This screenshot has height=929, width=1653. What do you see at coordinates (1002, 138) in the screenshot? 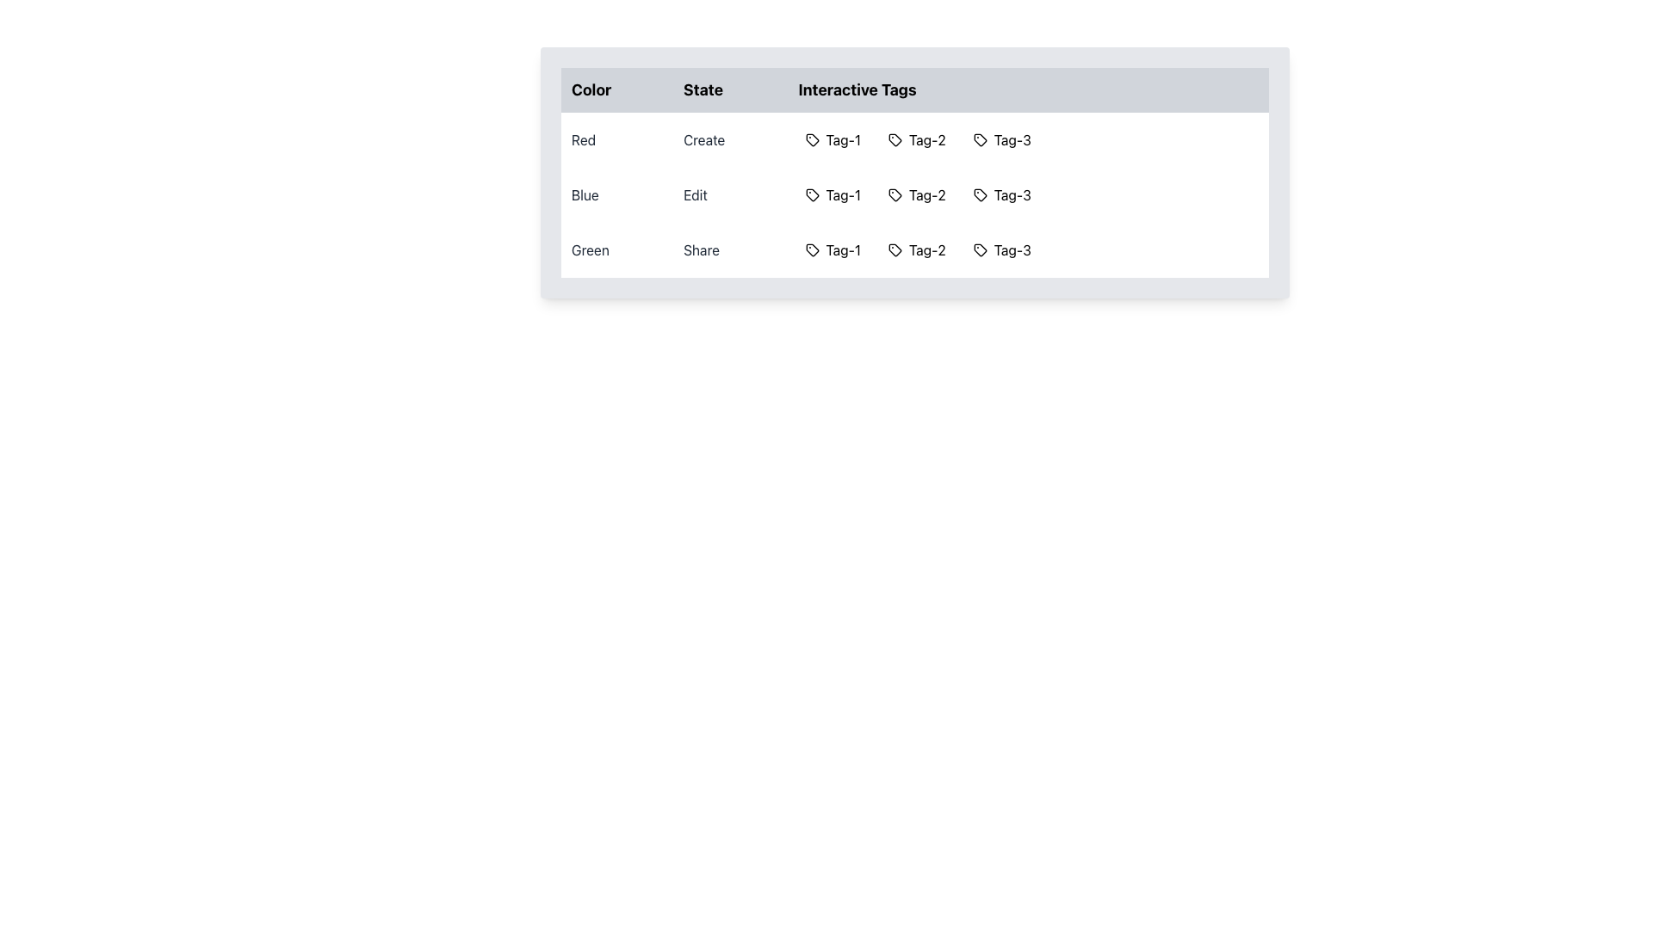
I see `the non-interactive label in the 'Interactive Tags' column, specifically the third element in the row titled 'Create', which visually categorizes related data` at bounding box center [1002, 138].